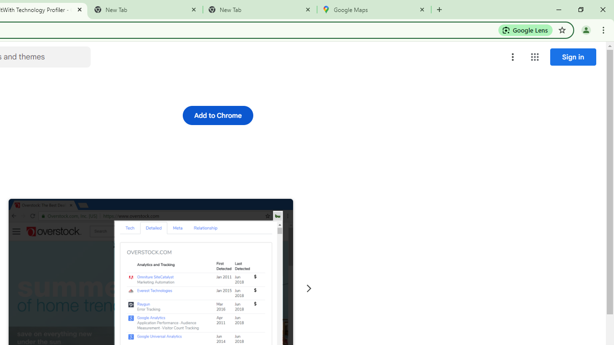 The width and height of the screenshot is (614, 345). I want to click on 'Google Maps', so click(373, 10).